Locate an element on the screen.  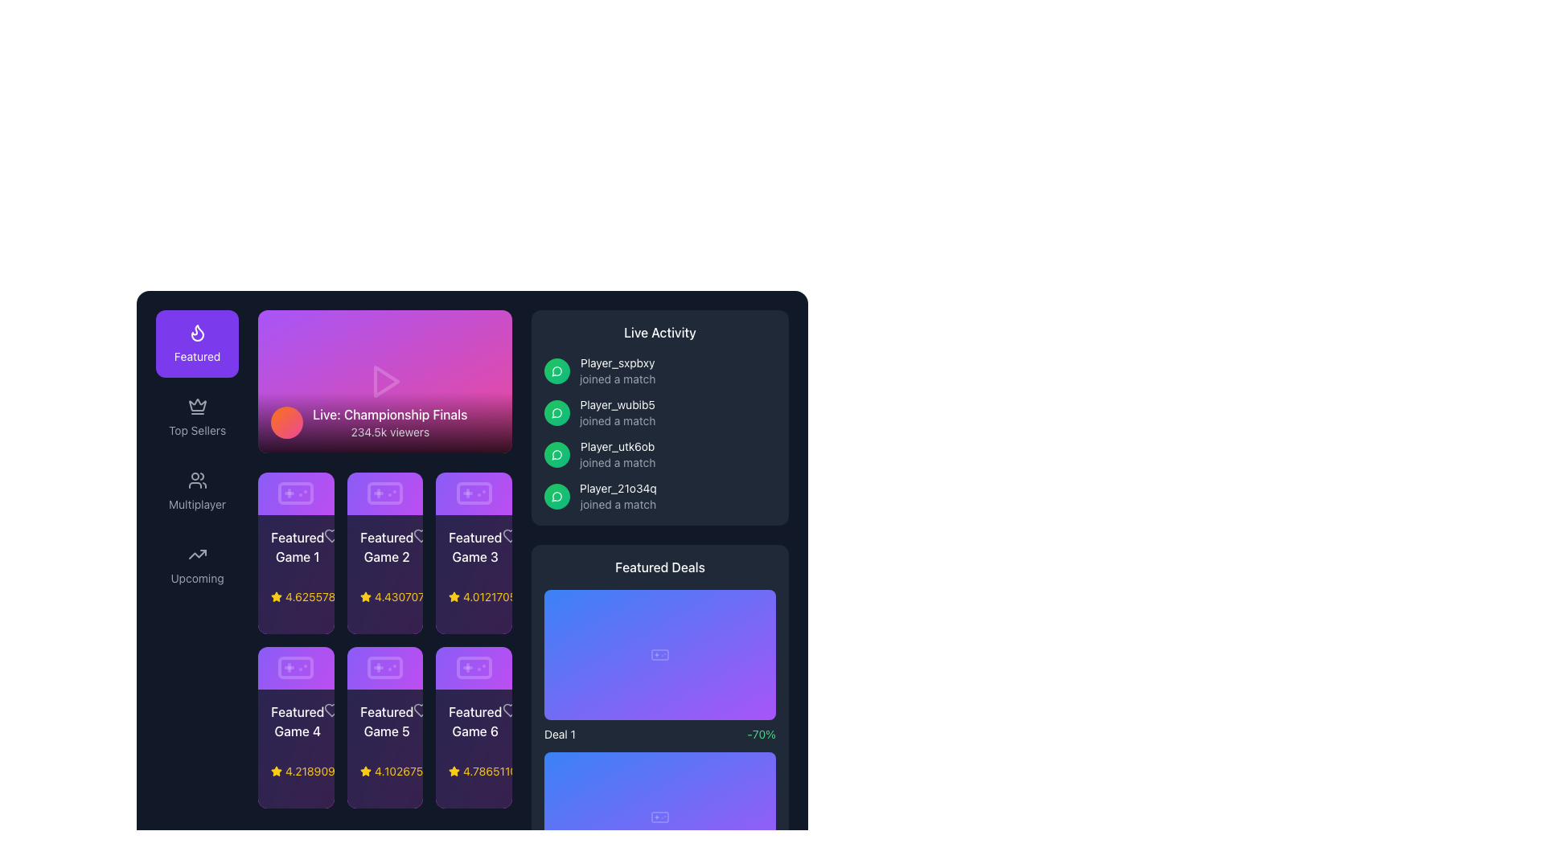
the third icon button in the vertical list under the Live Activity section is located at coordinates (556, 455).